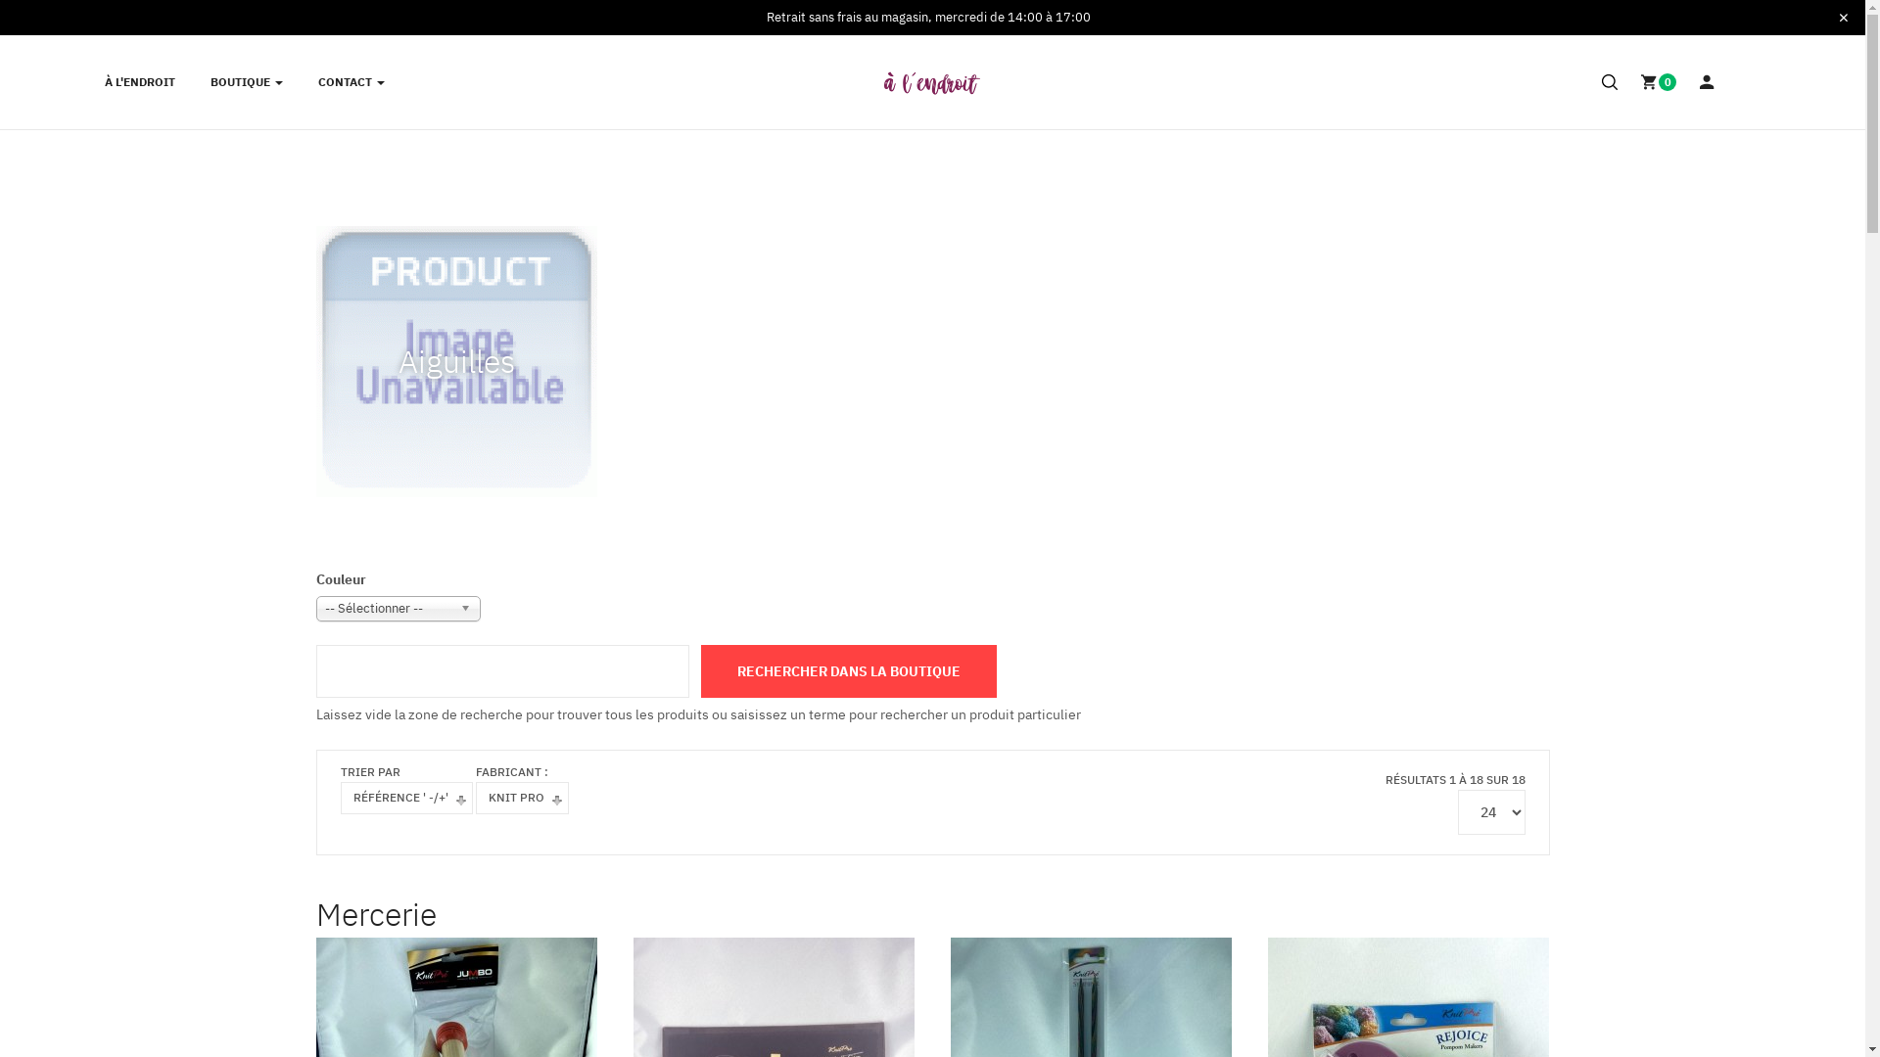 This screenshot has width=1880, height=1057. What do you see at coordinates (244, 81) in the screenshot?
I see `'BOUTIQUE'` at bounding box center [244, 81].